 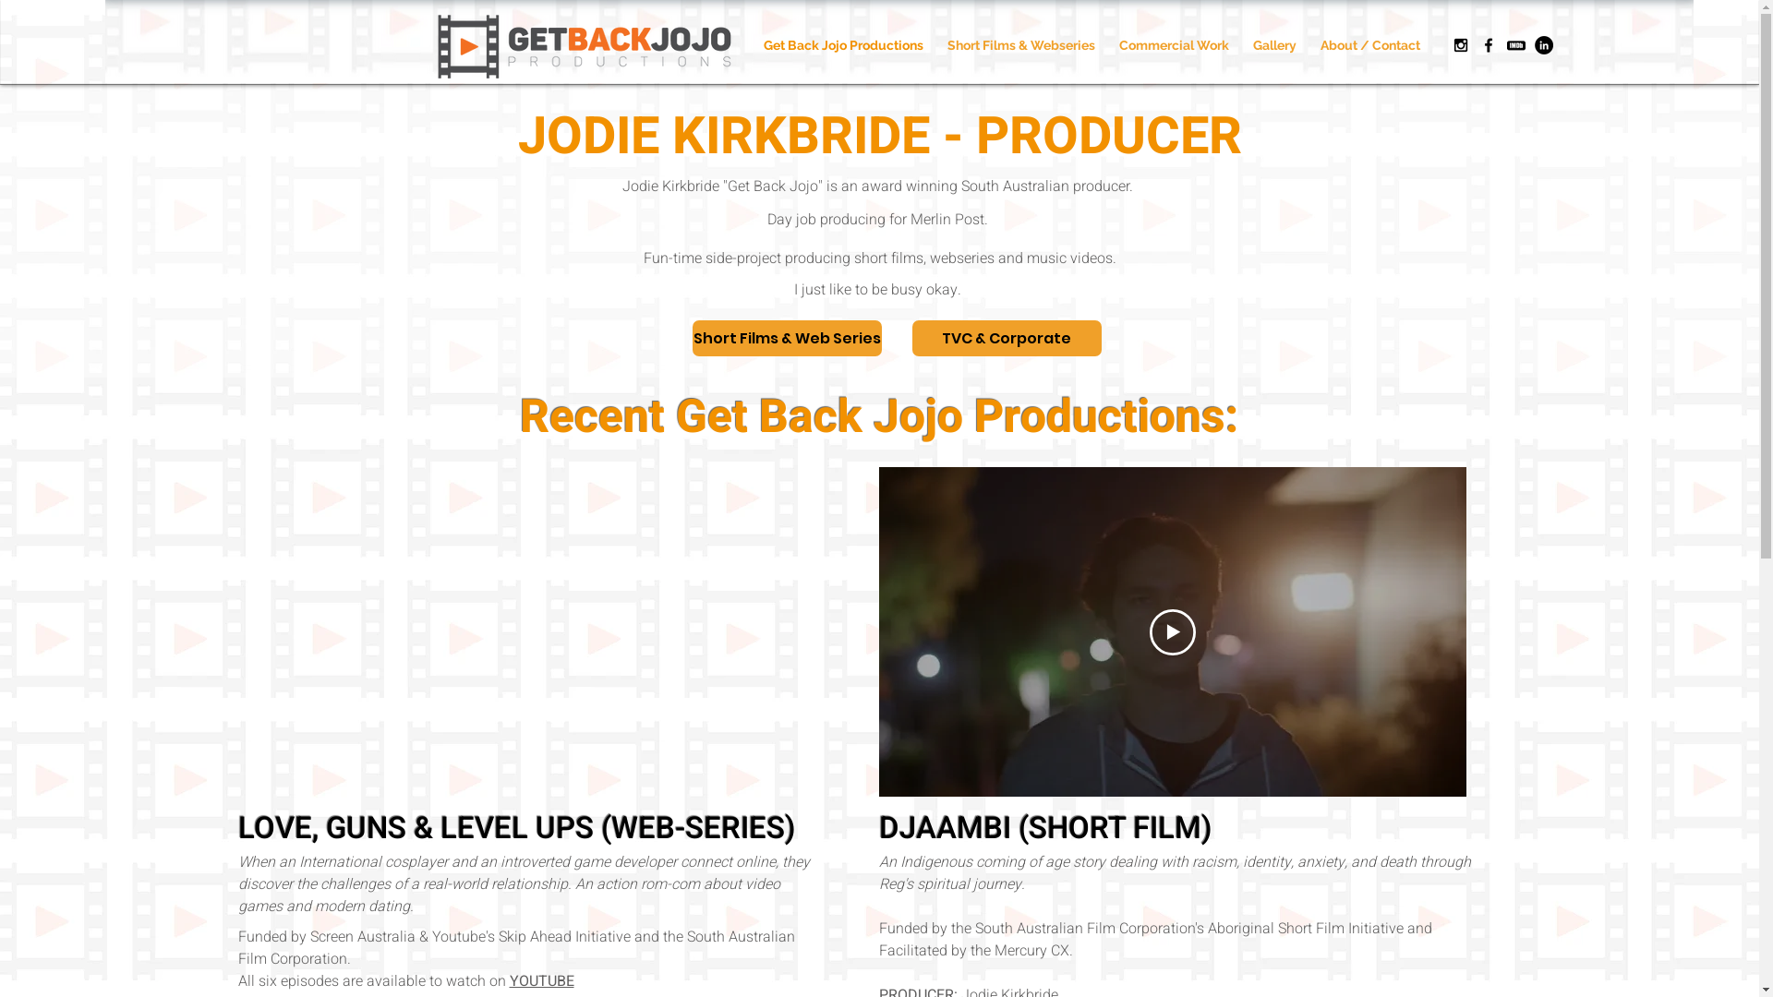 What do you see at coordinates (1172, 44) in the screenshot?
I see `'Commercial Work'` at bounding box center [1172, 44].